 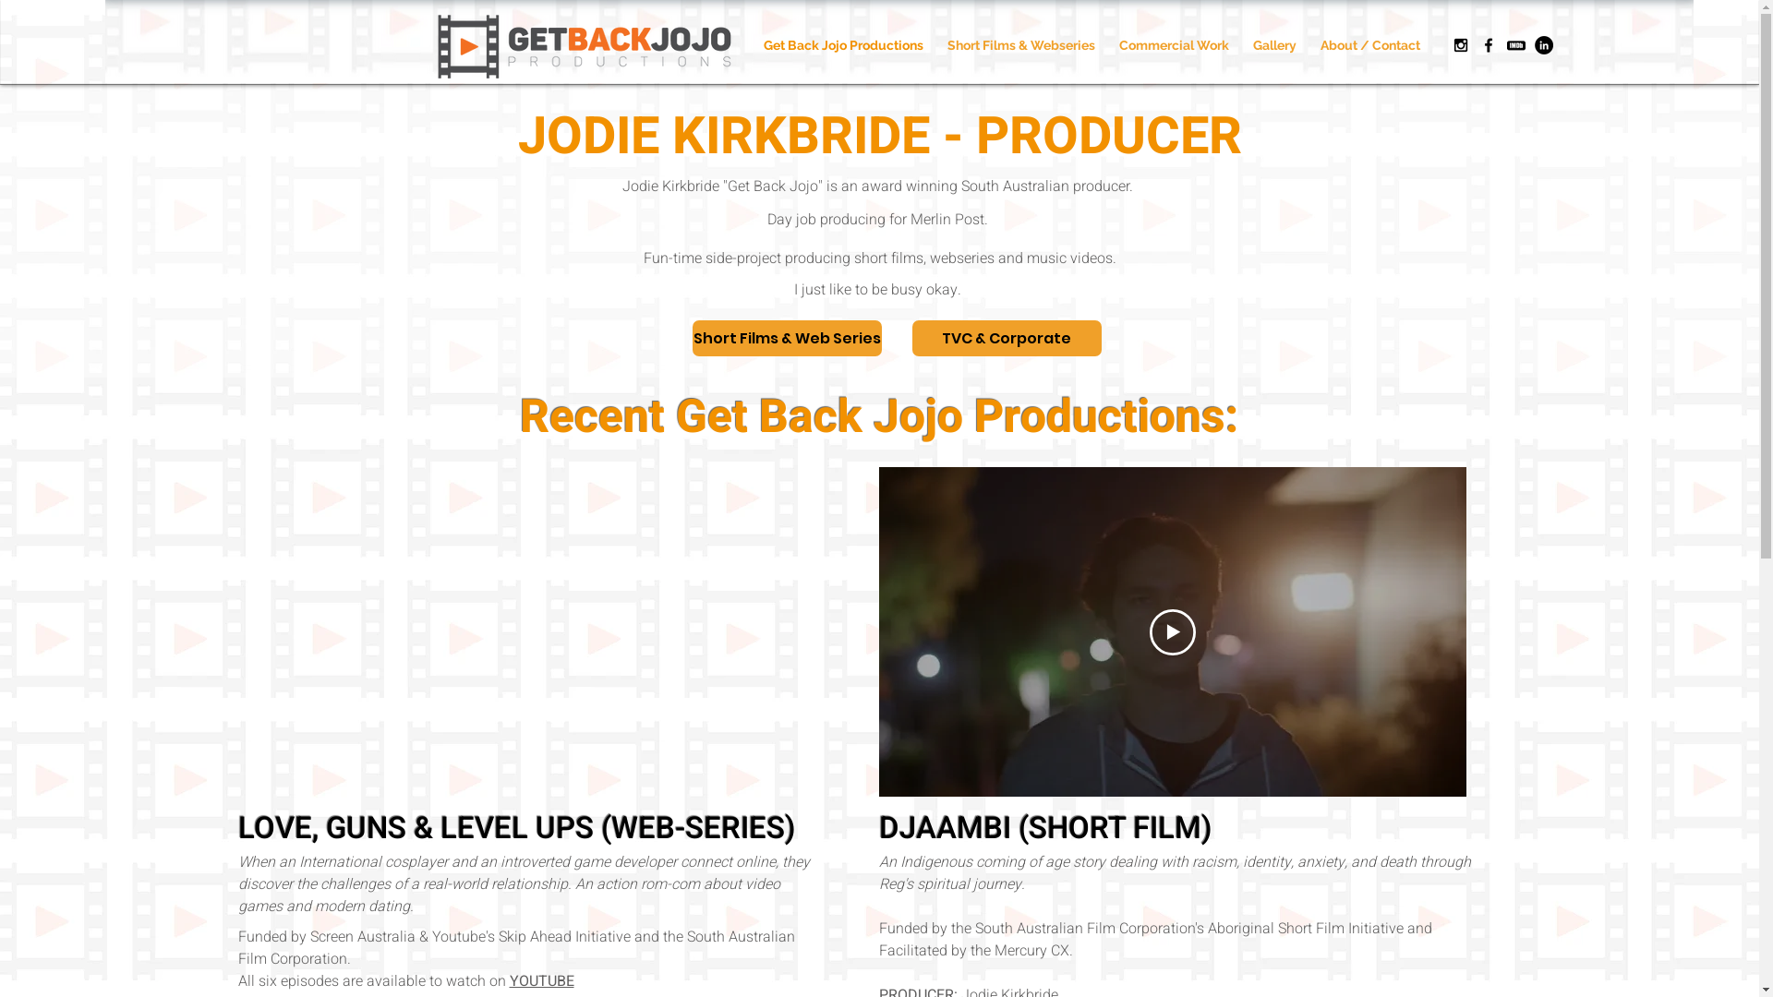 What do you see at coordinates (1172, 44) in the screenshot?
I see `'Commercial Work'` at bounding box center [1172, 44].